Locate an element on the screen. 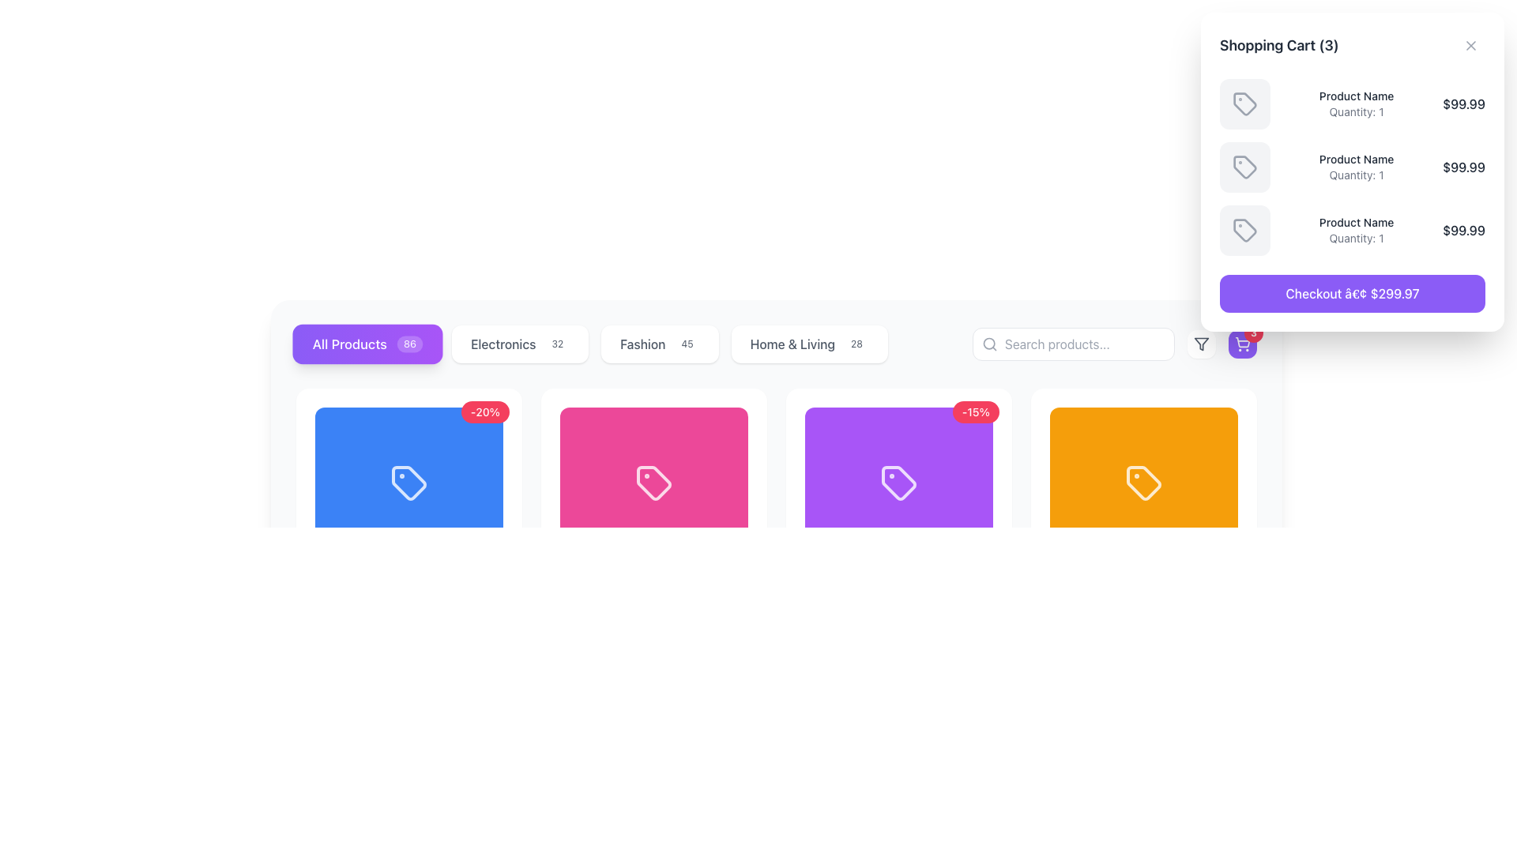 This screenshot has width=1517, height=853. the 'Product Name' text label, which is displayed in a dark gray sans-serif font at the top of the shopping cart modal section, above 'Quantity: 1' is located at coordinates (1356, 96).